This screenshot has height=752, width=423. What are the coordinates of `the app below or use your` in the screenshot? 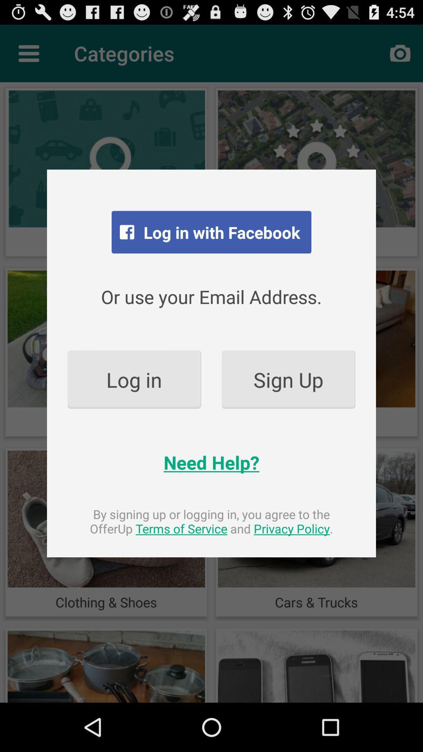 It's located at (288, 380).